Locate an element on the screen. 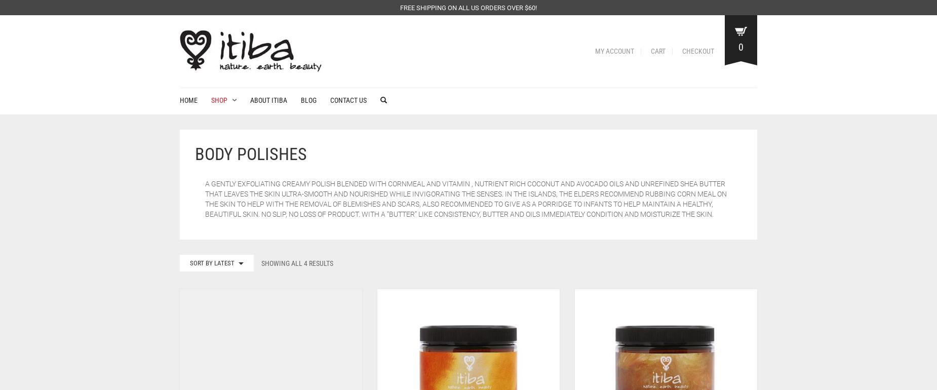 This screenshot has width=937, height=390. 'Lotions' is located at coordinates (228, 132).